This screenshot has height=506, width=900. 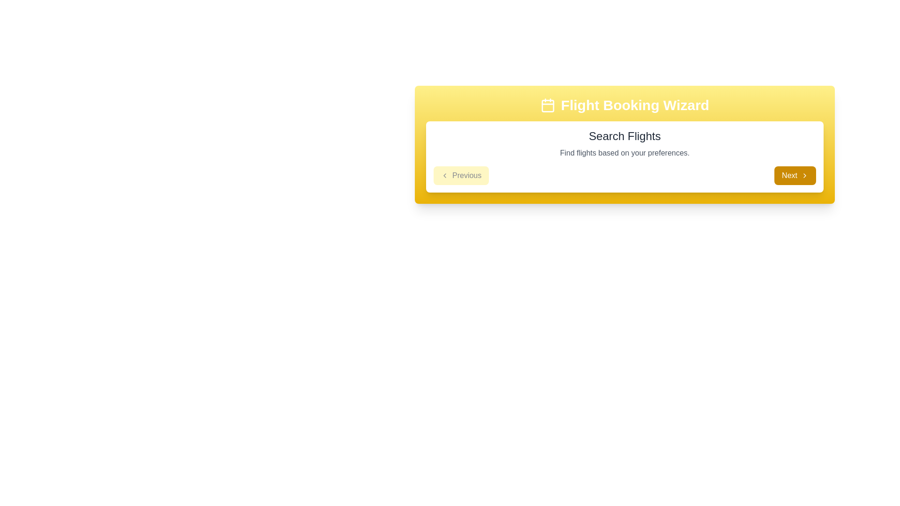 What do you see at coordinates (804, 175) in the screenshot?
I see `the 'Next' button which contains the right-pointing chevron icon` at bounding box center [804, 175].